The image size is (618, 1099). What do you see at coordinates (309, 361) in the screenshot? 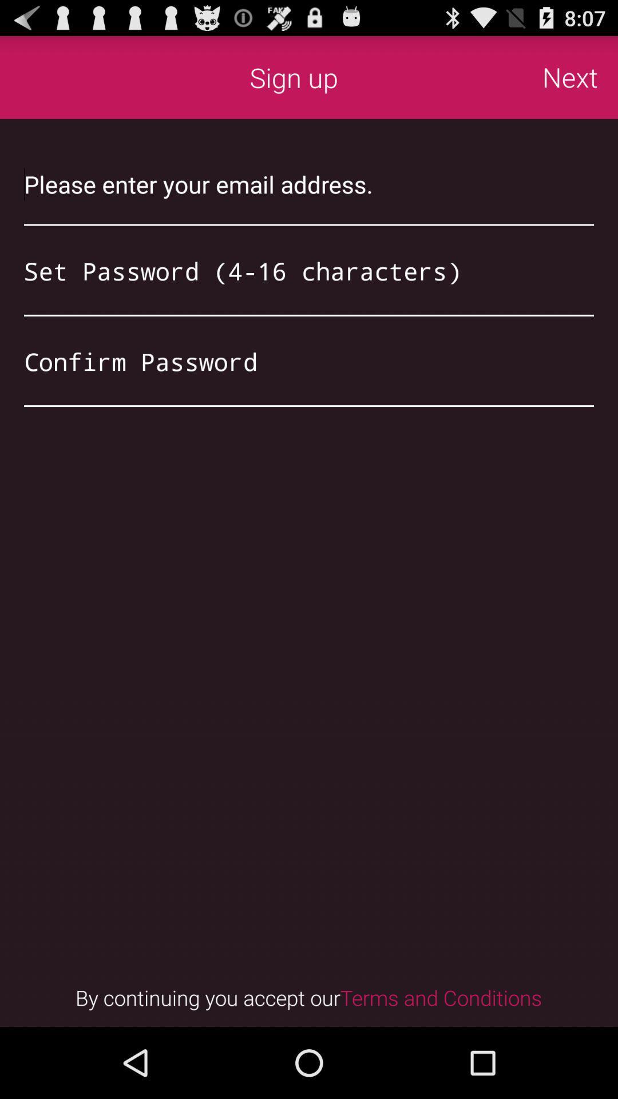
I see `retype password` at bounding box center [309, 361].